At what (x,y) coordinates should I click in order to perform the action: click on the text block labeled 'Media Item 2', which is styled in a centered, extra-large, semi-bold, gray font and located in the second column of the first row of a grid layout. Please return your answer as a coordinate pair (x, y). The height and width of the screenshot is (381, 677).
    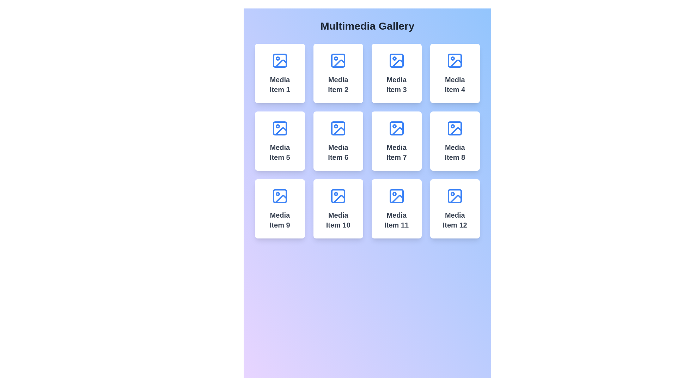
    Looking at the image, I should click on (338, 84).